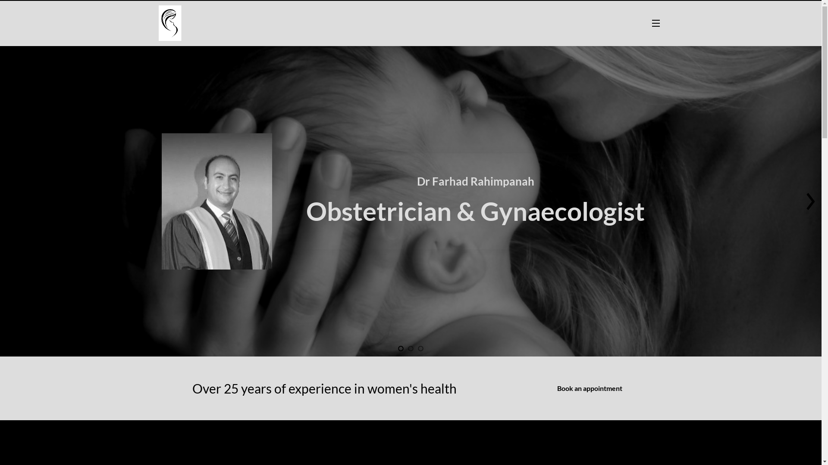  I want to click on 'Book an appointment', so click(583, 388).